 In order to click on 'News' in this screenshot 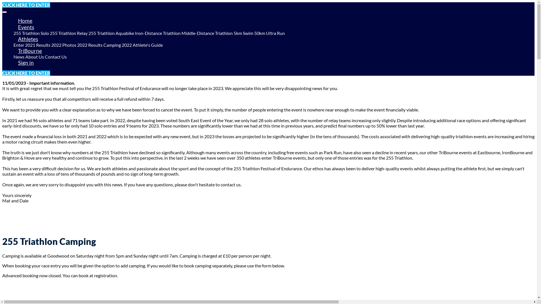, I will do `click(14, 57)`.